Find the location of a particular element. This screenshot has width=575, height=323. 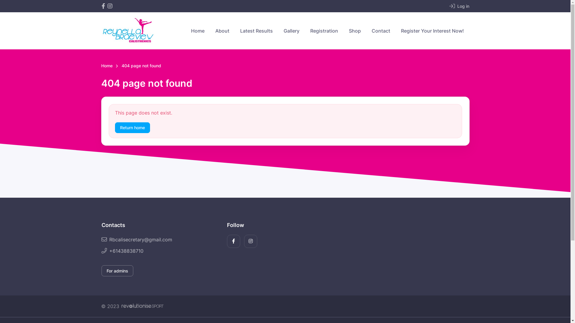

'Shop' is located at coordinates (355, 31).